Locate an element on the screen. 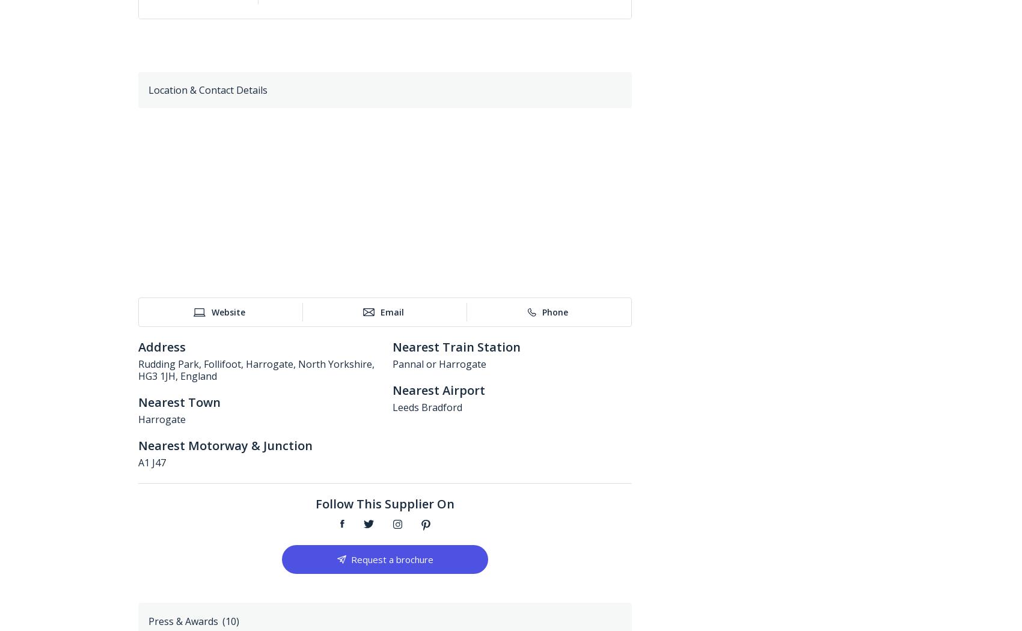 Image resolution: width=1022 pixels, height=631 pixels. 'Nearest Motorway & Junction' is located at coordinates (225, 445).